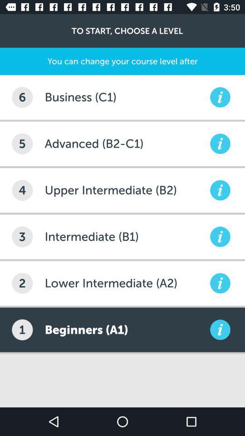 This screenshot has width=245, height=436. I want to click on more information, so click(220, 329).